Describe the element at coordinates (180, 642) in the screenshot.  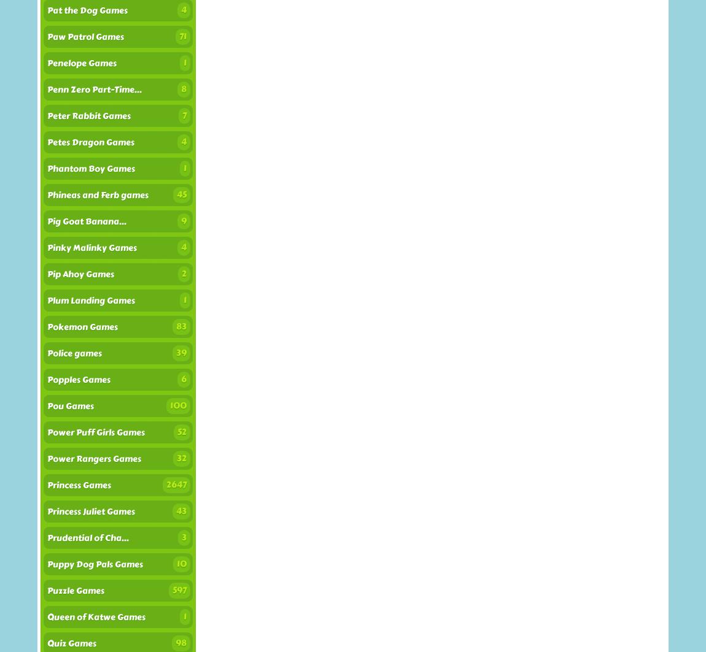
I see `'98'` at that location.